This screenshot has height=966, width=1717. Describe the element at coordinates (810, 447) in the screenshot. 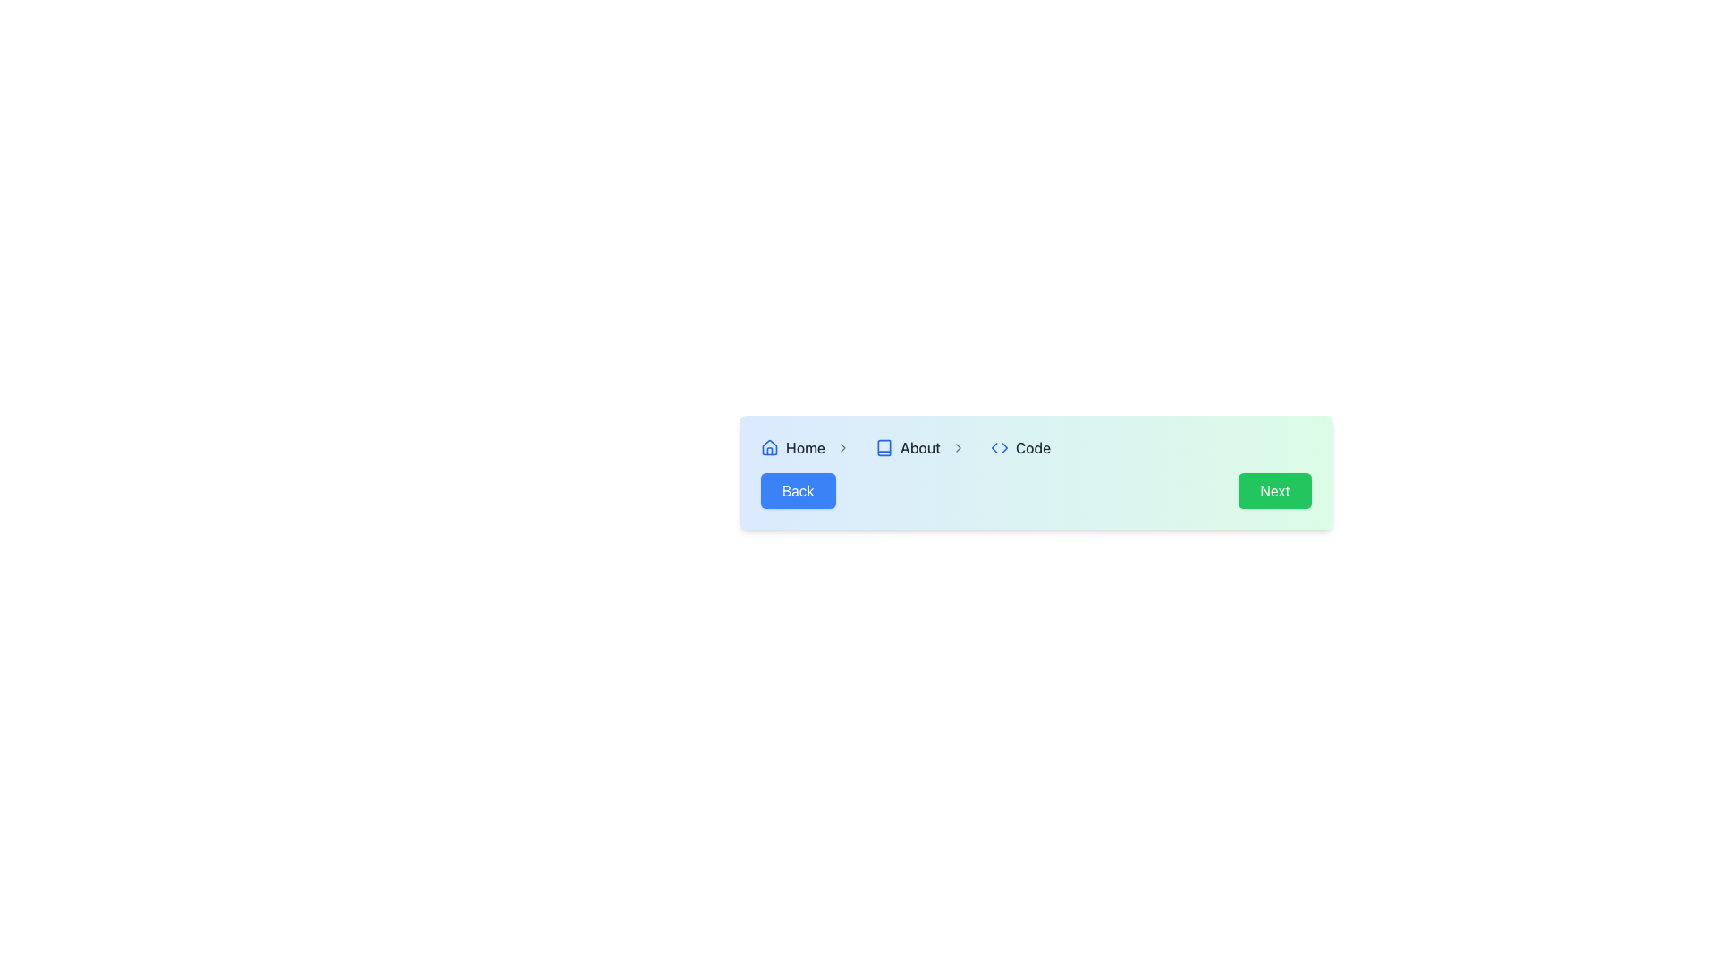

I see `the 'Home' breadcrumb link, which is the first item in the breadcrumb navigation bar` at that location.